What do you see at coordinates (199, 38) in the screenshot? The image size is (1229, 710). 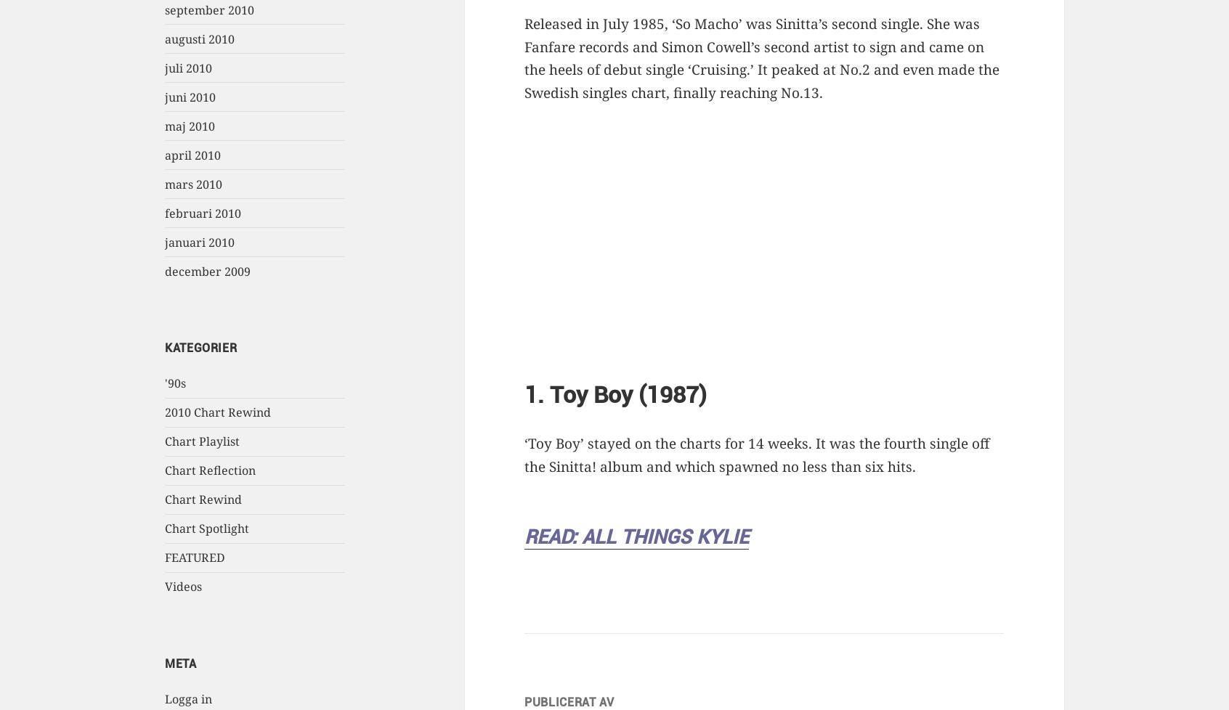 I see `'augusti 2010'` at bounding box center [199, 38].